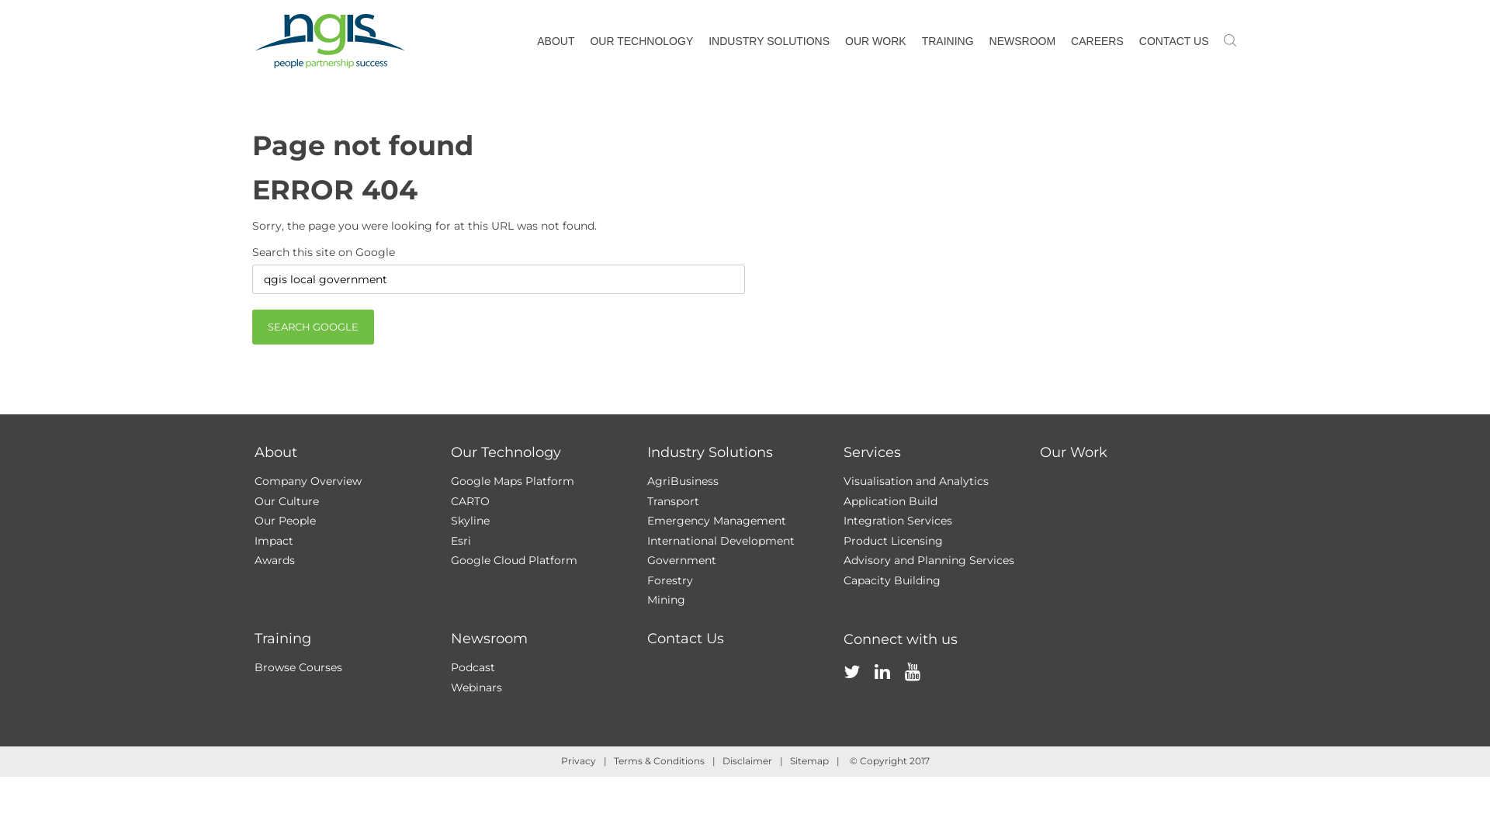 Image resolution: width=1490 pixels, height=838 pixels. I want to click on 'Privacy', so click(577, 760).